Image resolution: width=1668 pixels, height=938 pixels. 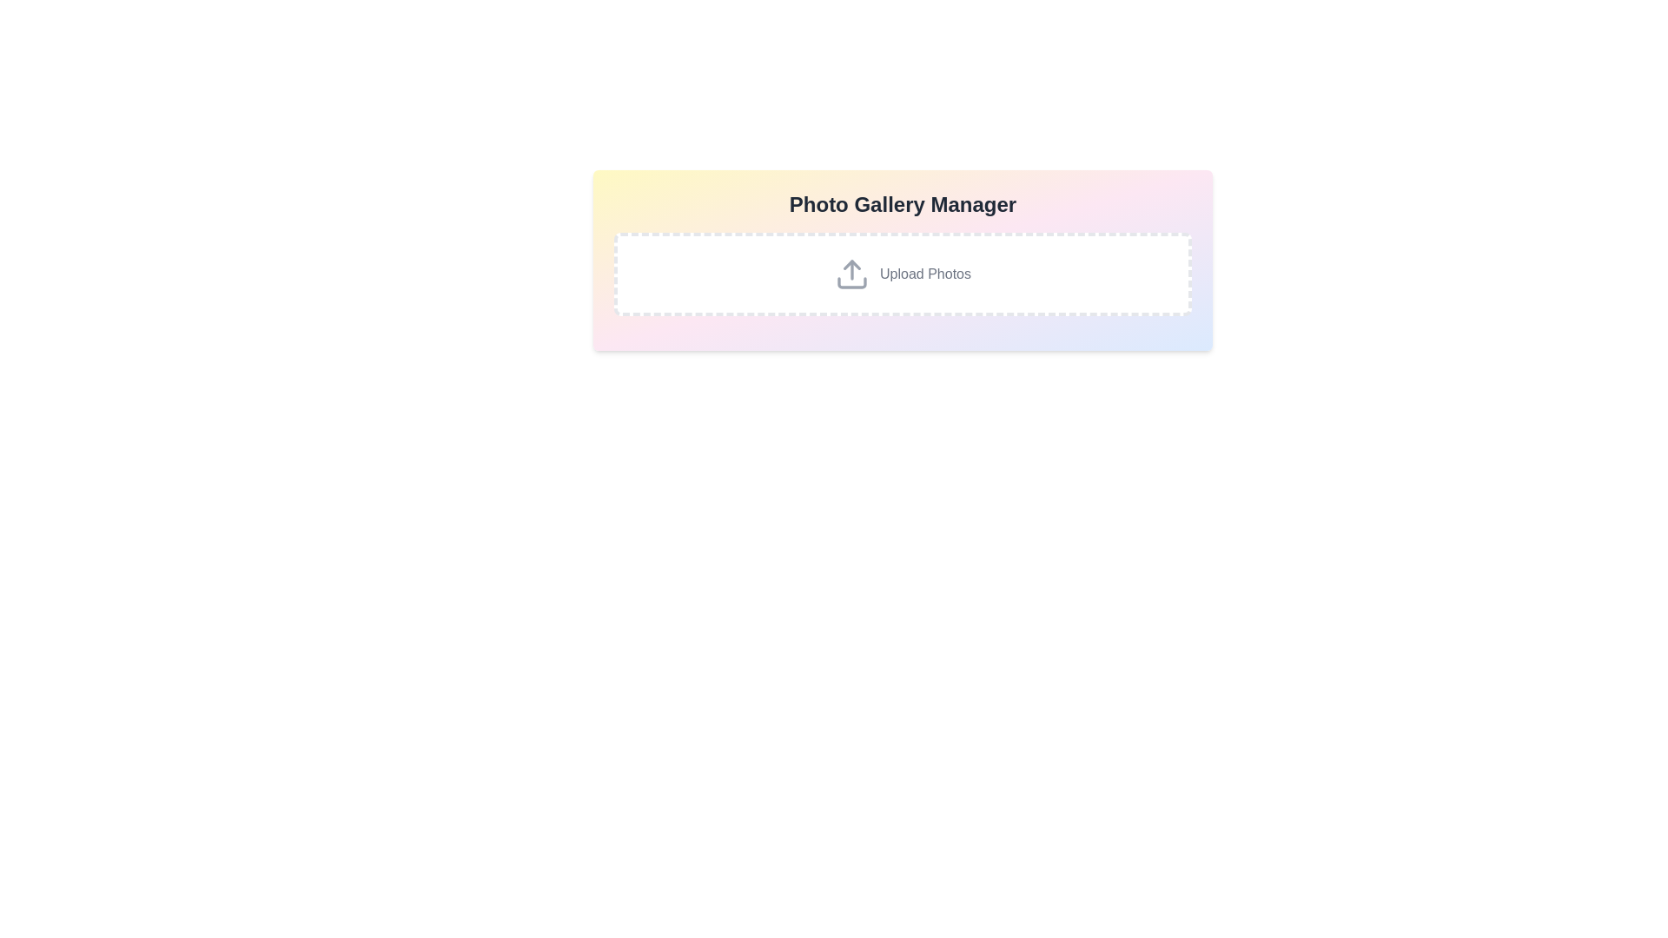 What do you see at coordinates (903, 274) in the screenshot?
I see `and drop files onto the 'Button or File Selector' for uploading photos, located in the 'Photo Gallery Manager' section` at bounding box center [903, 274].